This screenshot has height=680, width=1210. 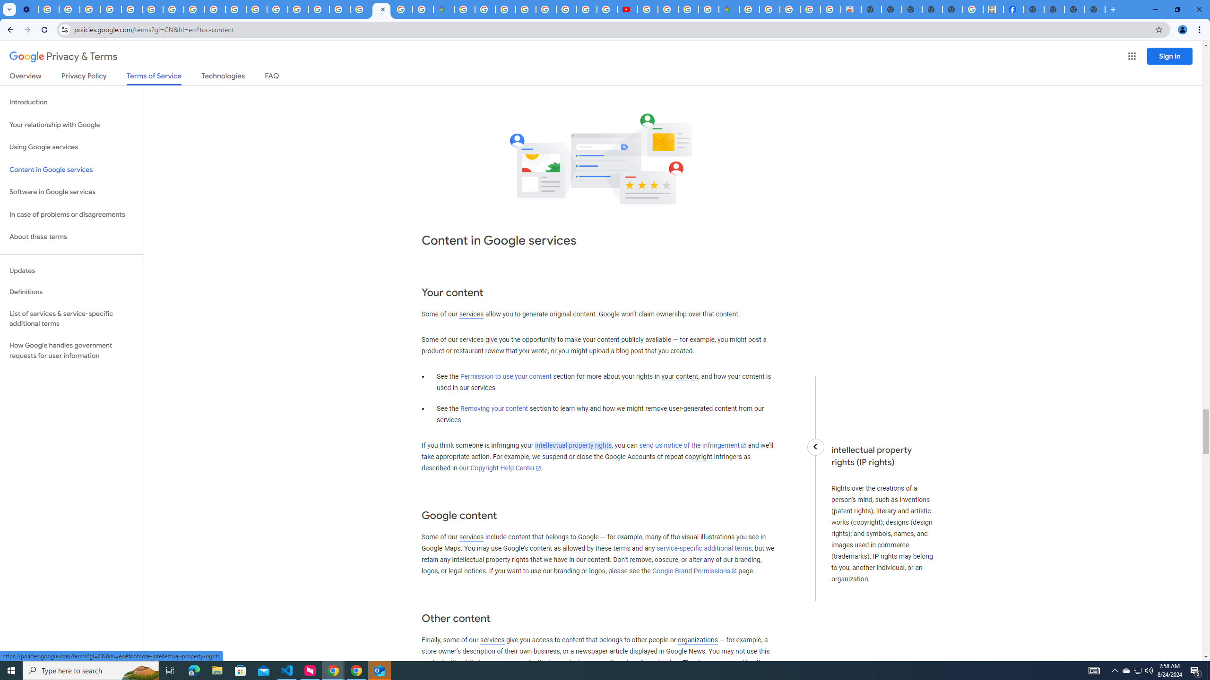 I want to click on 'Google Brand Permissions', so click(x=694, y=570).